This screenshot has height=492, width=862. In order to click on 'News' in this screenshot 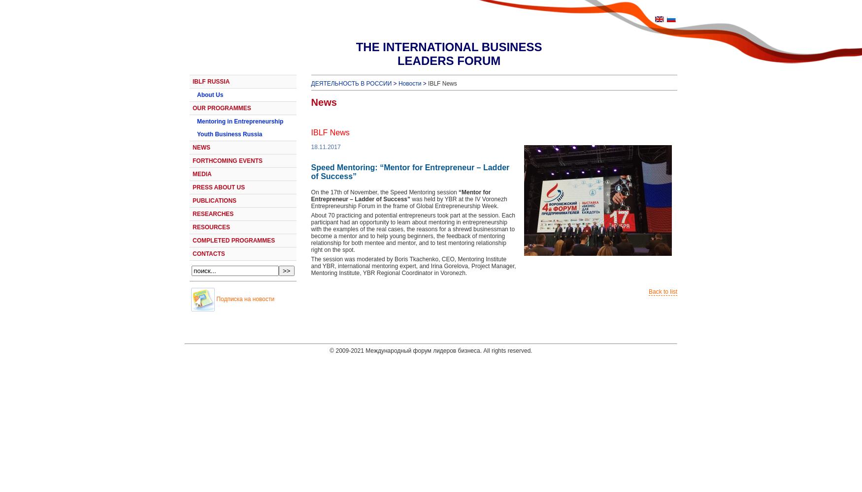, I will do `click(323, 102)`.